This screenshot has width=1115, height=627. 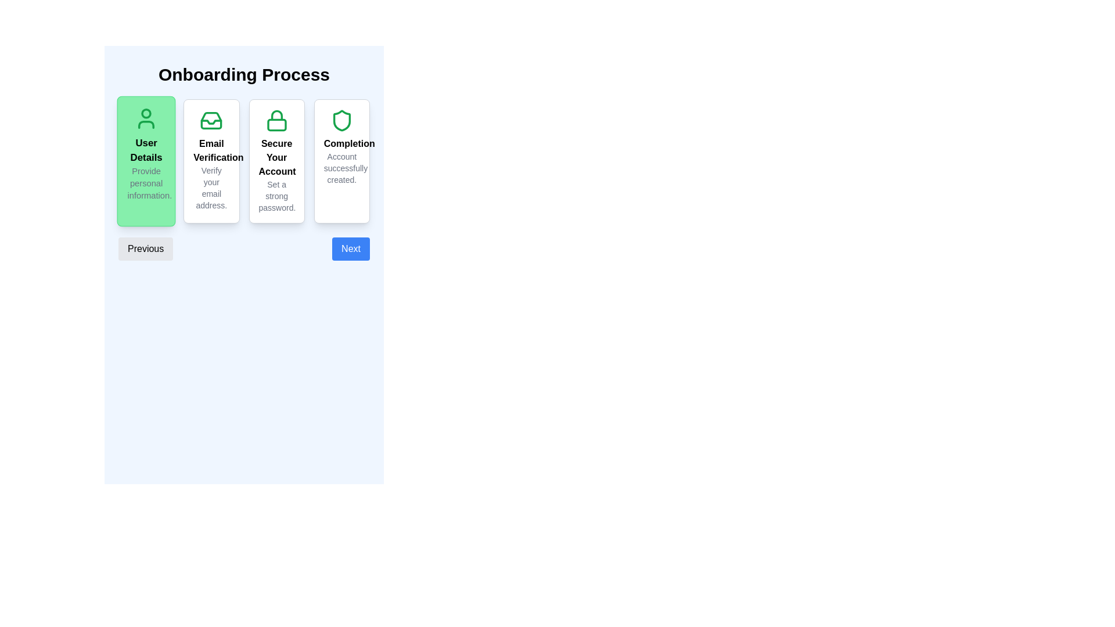 What do you see at coordinates (211, 150) in the screenshot?
I see `bold text label 'Email Verification' prominently displayed in the second column of the onboarding panel, located below the envelope icon` at bounding box center [211, 150].